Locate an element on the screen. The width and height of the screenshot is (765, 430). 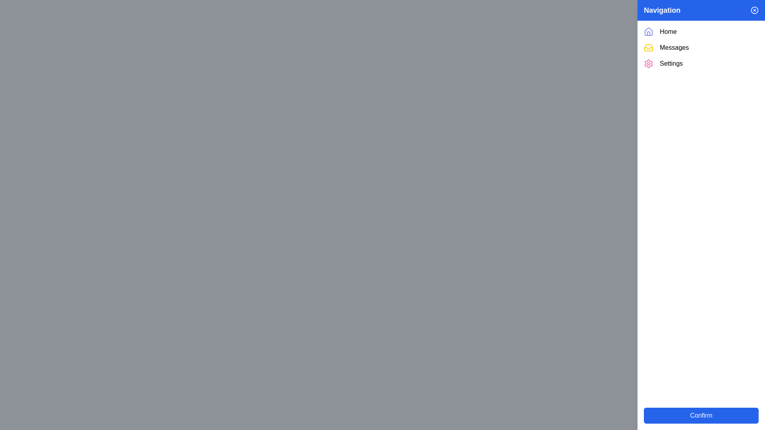
the pink-colored gear-shaped icon representing settings, which is the leftmost icon in the 'Settings' entry of the vertical navigation menu is located at coordinates (648, 63).